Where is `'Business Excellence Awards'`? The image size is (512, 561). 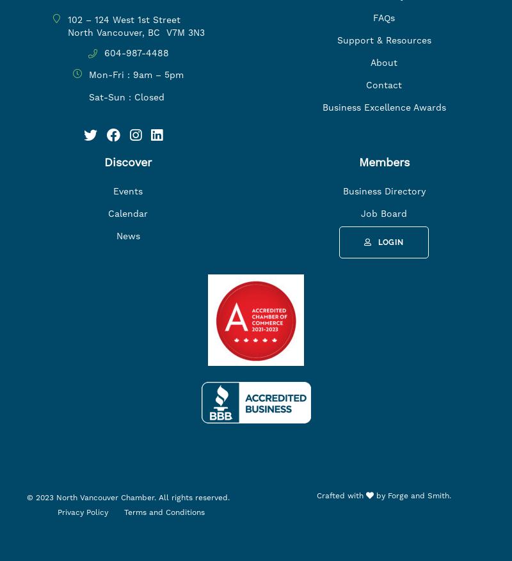 'Business Excellence Awards' is located at coordinates (383, 106).